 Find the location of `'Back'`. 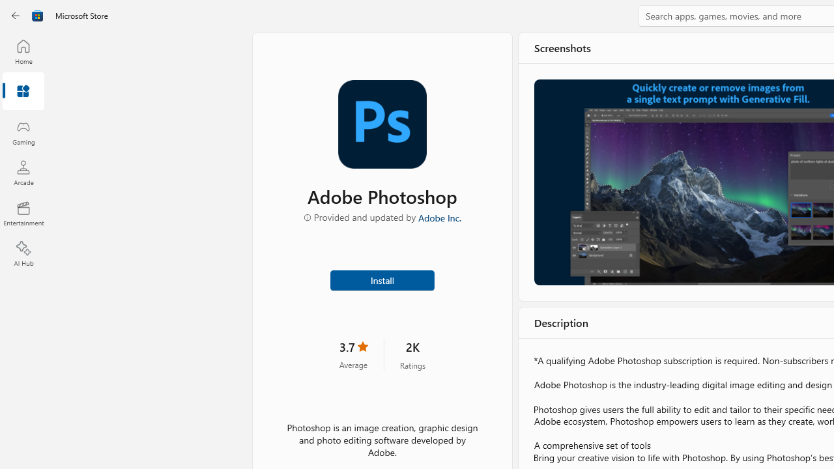

'Back' is located at coordinates (16, 16).